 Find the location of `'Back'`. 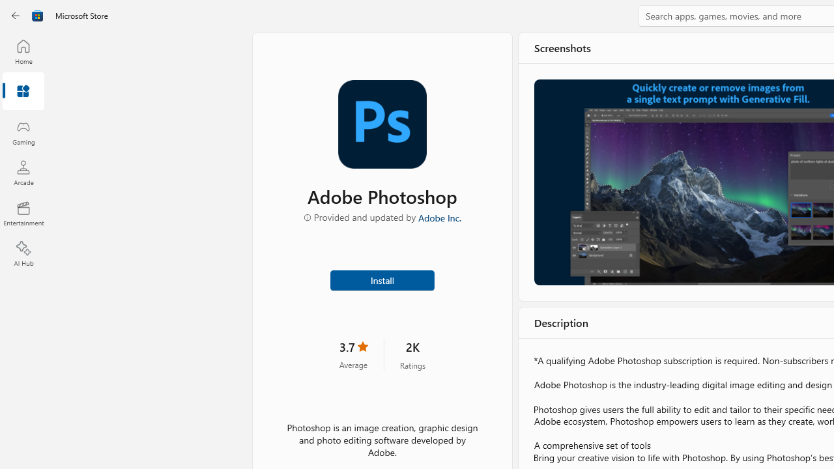

'Back' is located at coordinates (16, 16).